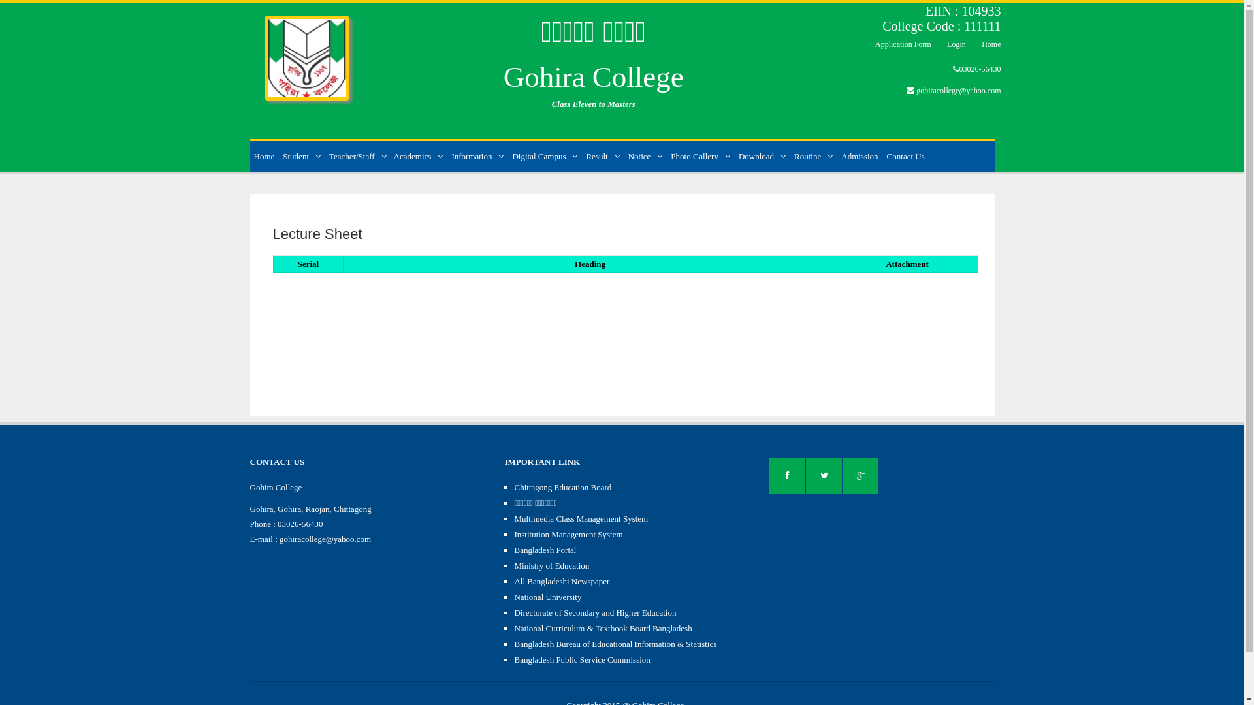 This screenshot has height=705, width=1254. Describe the element at coordinates (915, 89) in the screenshot. I see `'gohiracollege@yahoo.com'` at that location.